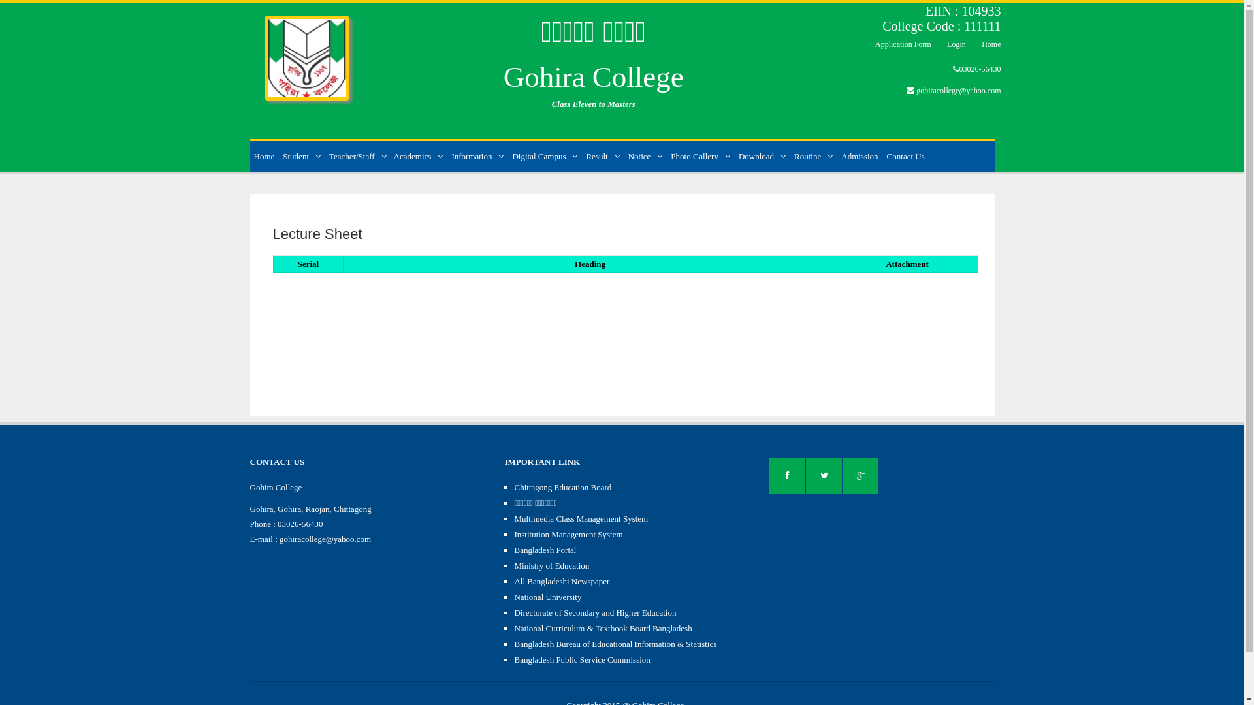 This screenshot has height=705, width=1254. Describe the element at coordinates (915, 89) in the screenshot. I see `'gohiracollege@yahoo.com'` at that location.